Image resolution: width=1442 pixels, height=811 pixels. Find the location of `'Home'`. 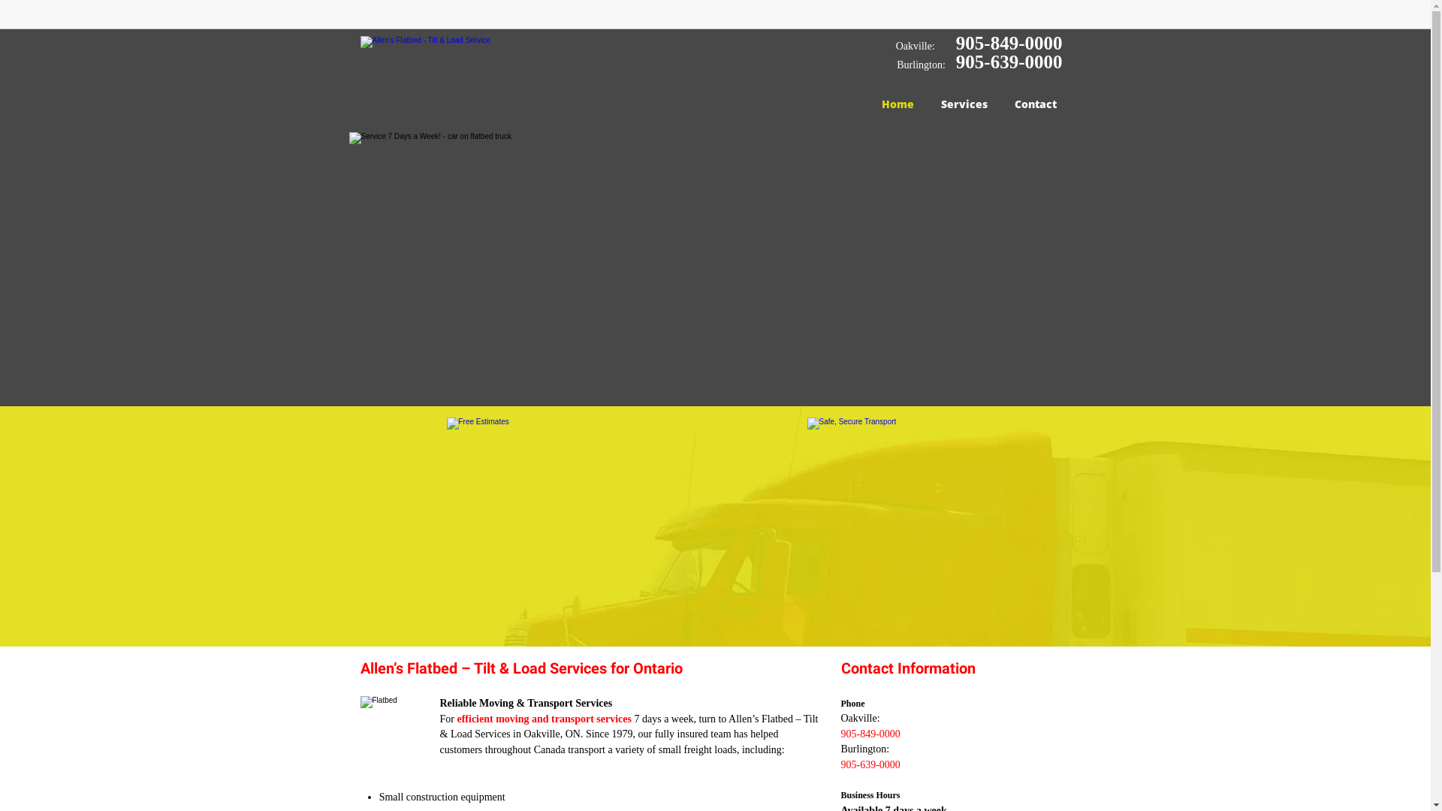

'Home' is located at coordinates (897, 103).